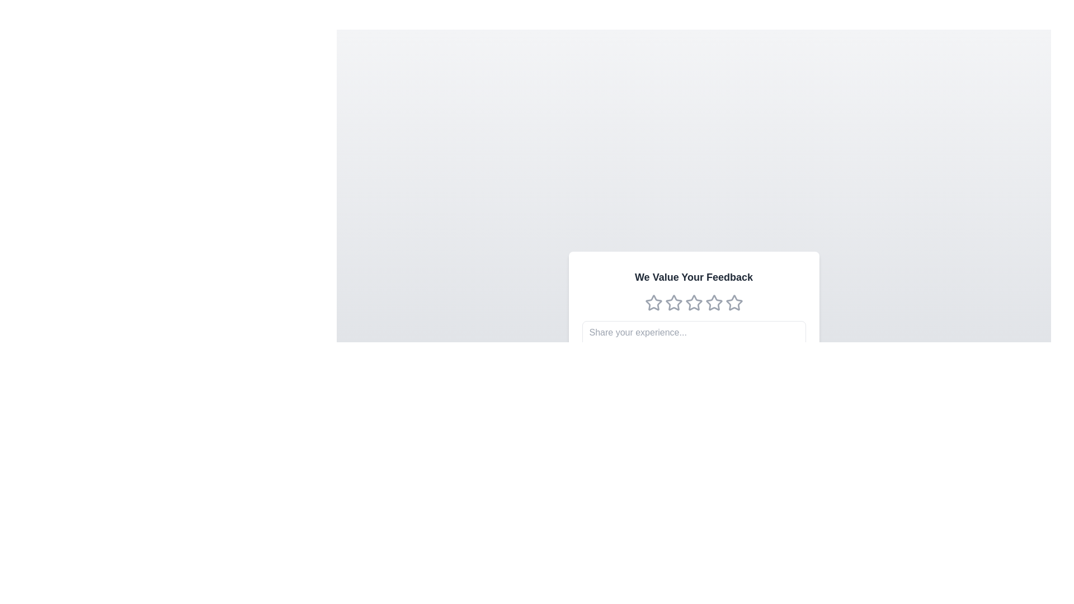 The width and height of the screenshot is (1074, 604). What do you see at coordinates (693, 277) in the screenshot?
I see `the text header 'We Value Your Feedback'` at bounding box center [693, 277].